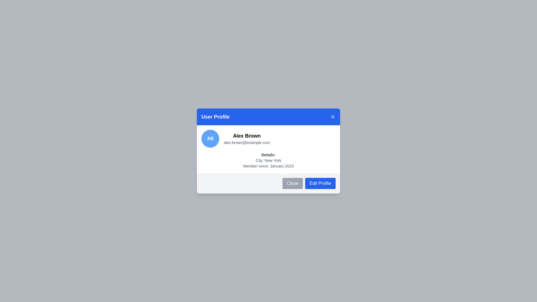  What do you see at coordinates (333, 116) in the screenshot?
I see `the close button represented by a small cross mark ('X') located in the top-right corner of the blue header section of the modal dialog` at bounding box center [333, 116].